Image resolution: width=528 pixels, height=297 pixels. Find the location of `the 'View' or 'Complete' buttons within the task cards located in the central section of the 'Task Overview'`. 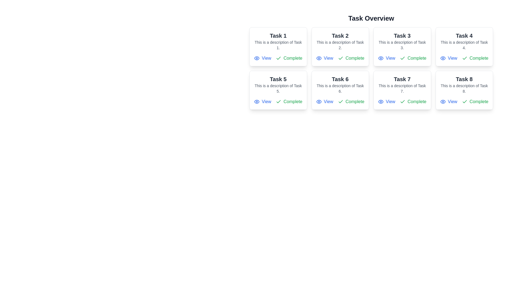

the 'View' or 'Complete' buttons within the task cards located in the central section of the 'Task Overview' is located at coordinates (371, 62).